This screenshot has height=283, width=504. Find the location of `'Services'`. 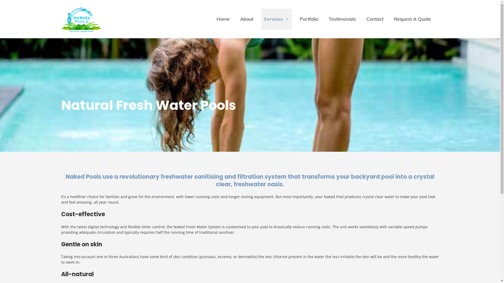

'Services' is located at coordinates (276, 19).